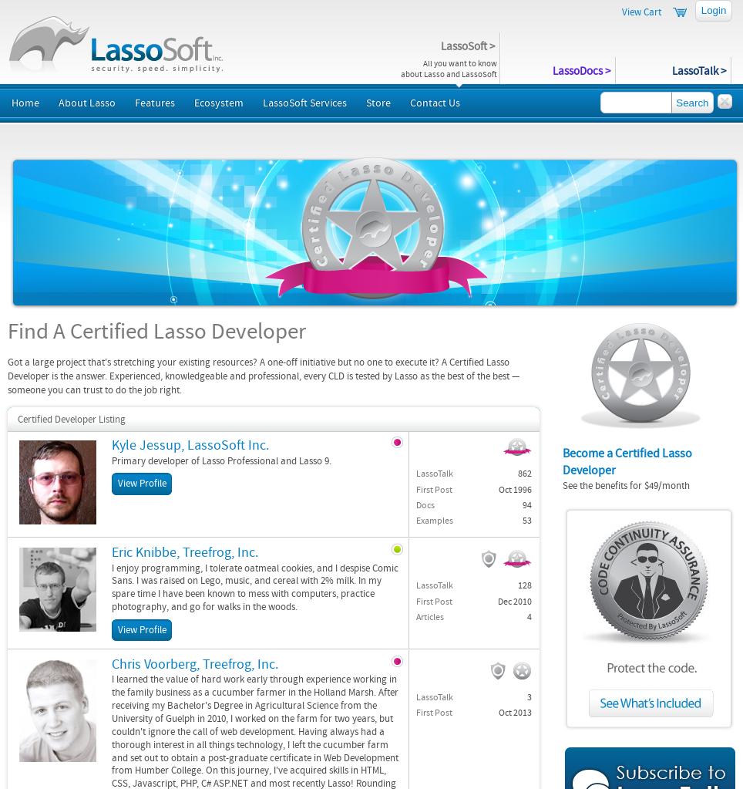  What do you see at coordinates (434, 103) in the screenshot?
I see `'Contact Us'` at bounding box center [434, 103].